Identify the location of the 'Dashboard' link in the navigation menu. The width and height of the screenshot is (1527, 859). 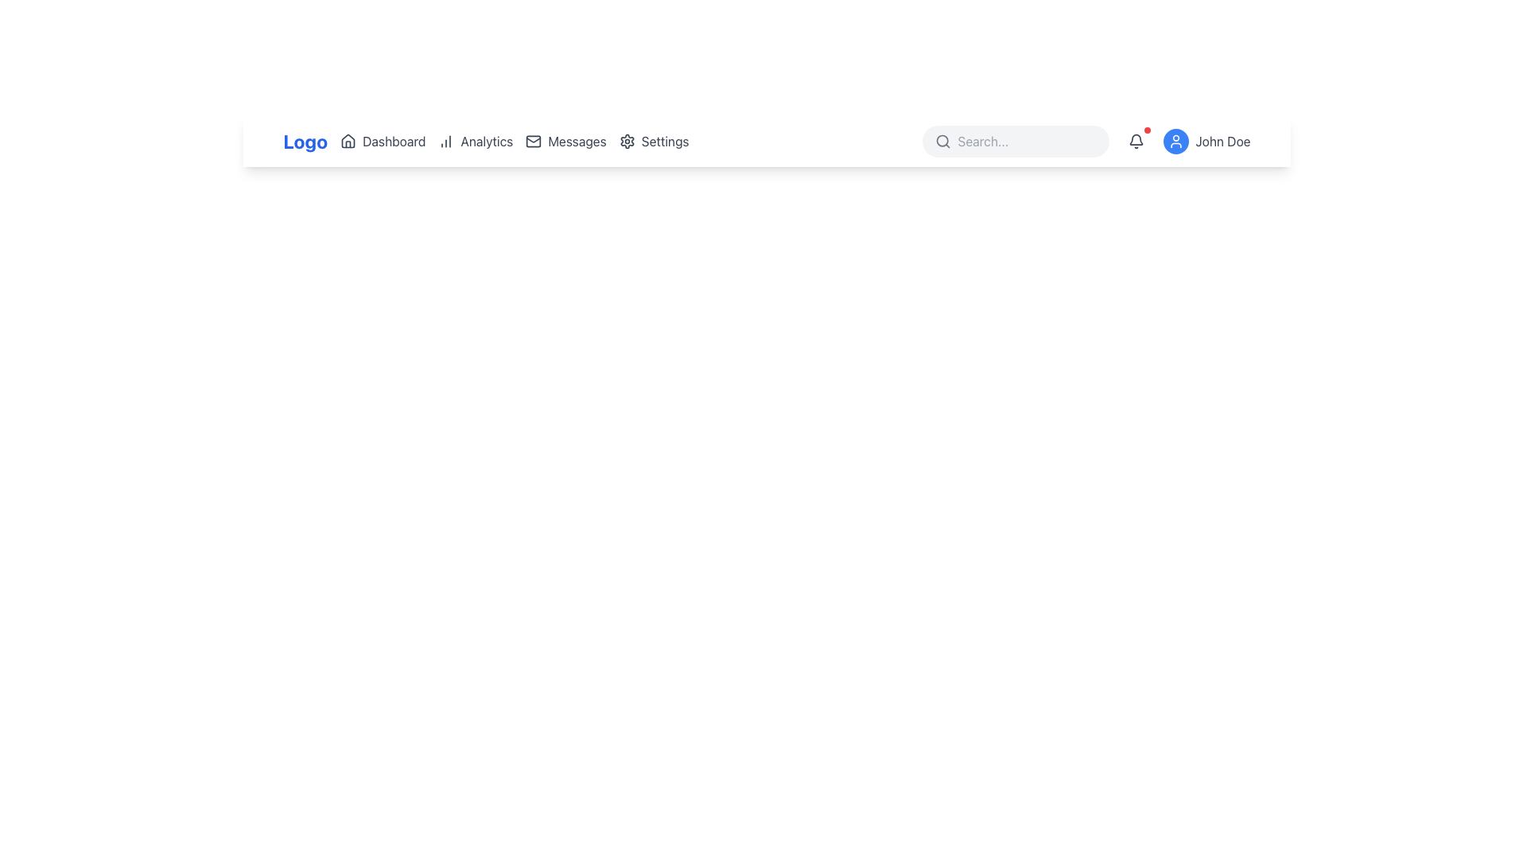
(383, 140).